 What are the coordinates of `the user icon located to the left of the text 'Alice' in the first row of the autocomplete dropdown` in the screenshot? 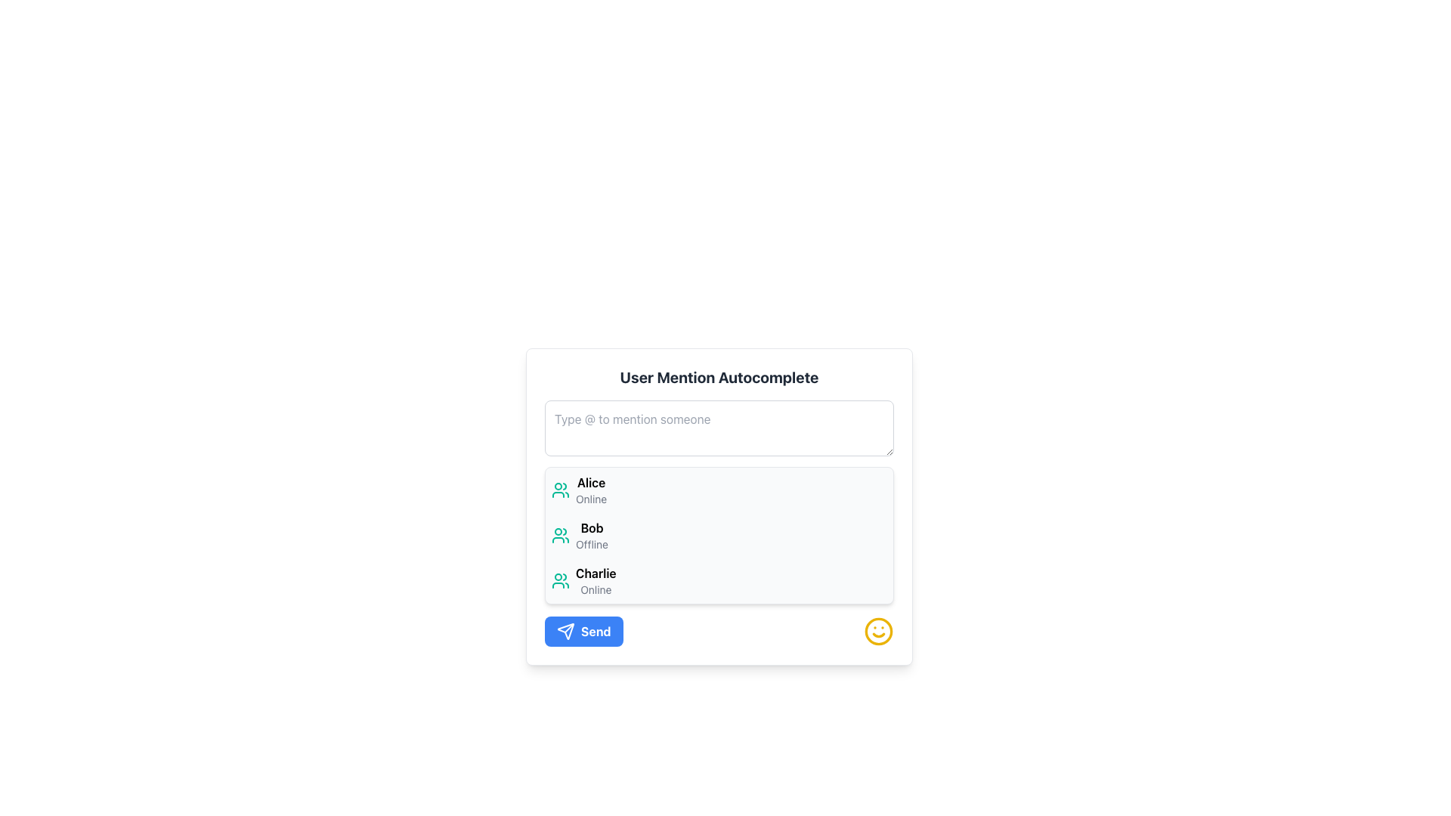 It's located at (560, 490).